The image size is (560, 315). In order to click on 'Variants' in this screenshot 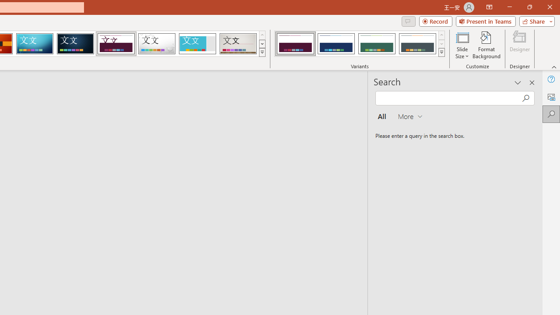, I will do `click(441, 52)`.